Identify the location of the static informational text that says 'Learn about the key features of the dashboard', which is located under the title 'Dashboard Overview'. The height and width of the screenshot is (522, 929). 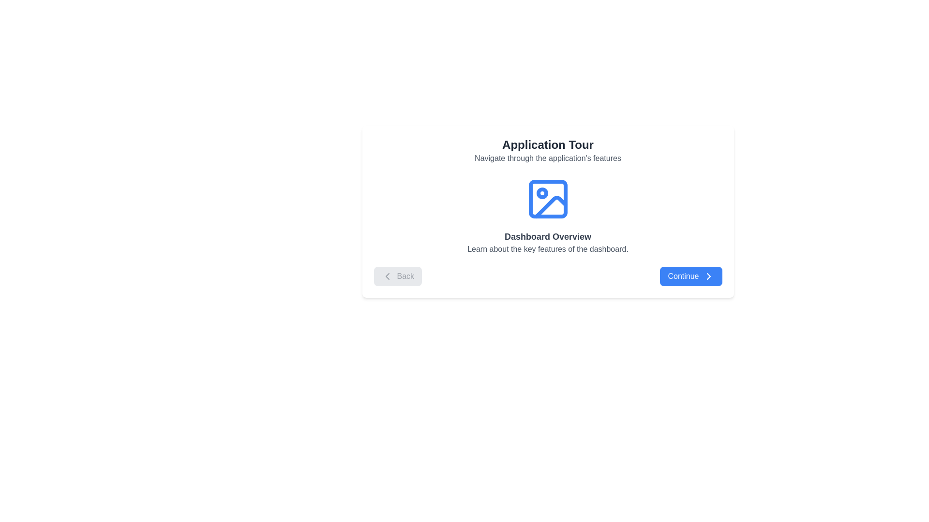
(548, 249).